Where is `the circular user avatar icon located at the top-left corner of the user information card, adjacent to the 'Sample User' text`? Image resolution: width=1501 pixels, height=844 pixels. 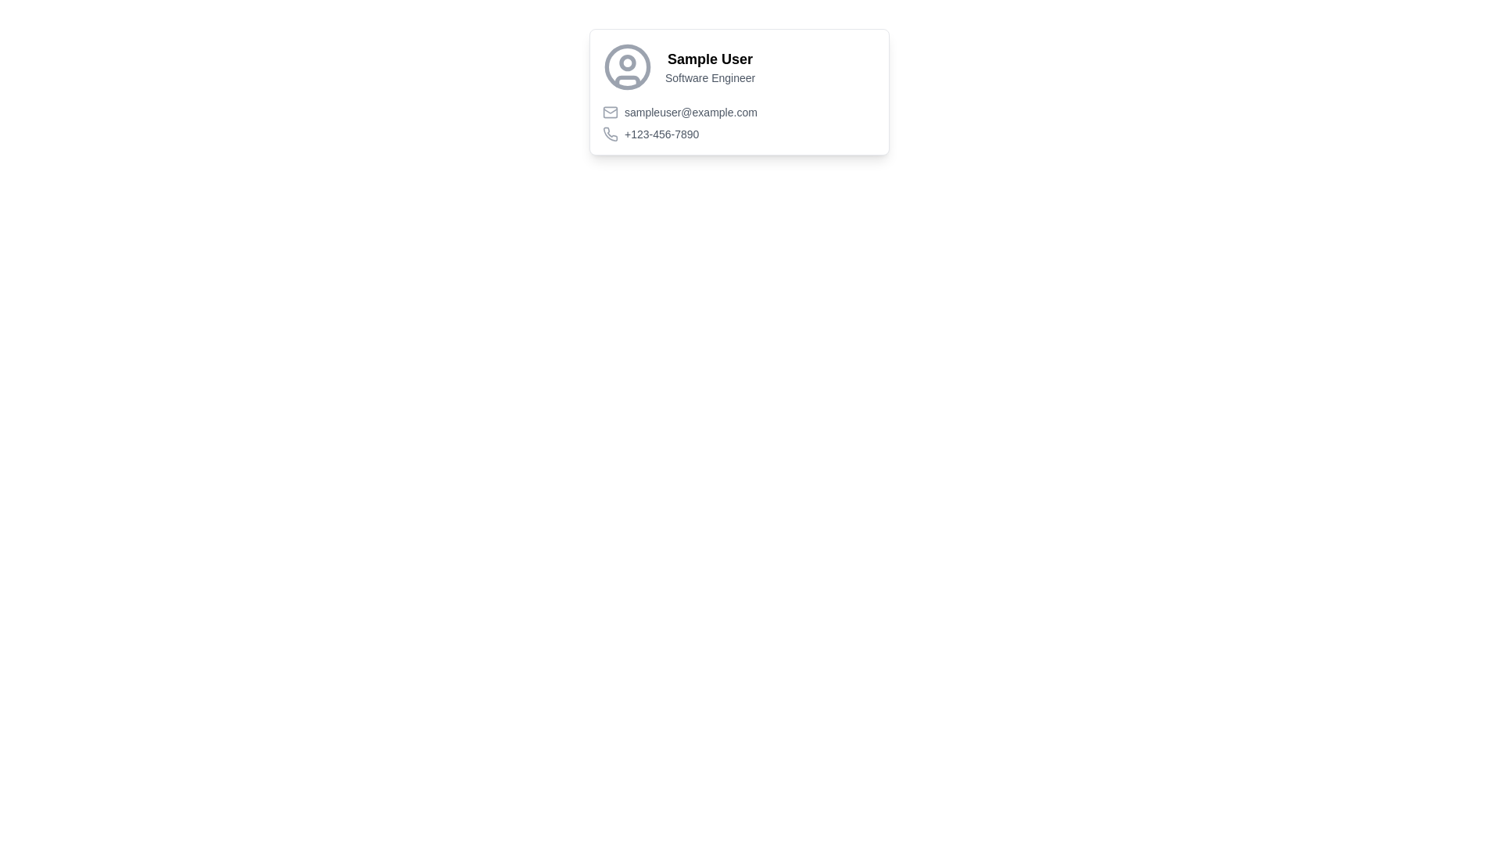
the circular user avatar icon located at the top-left corner of the user information card, adjacent to the 'Sample User' text is located at coordinates (627, 66).